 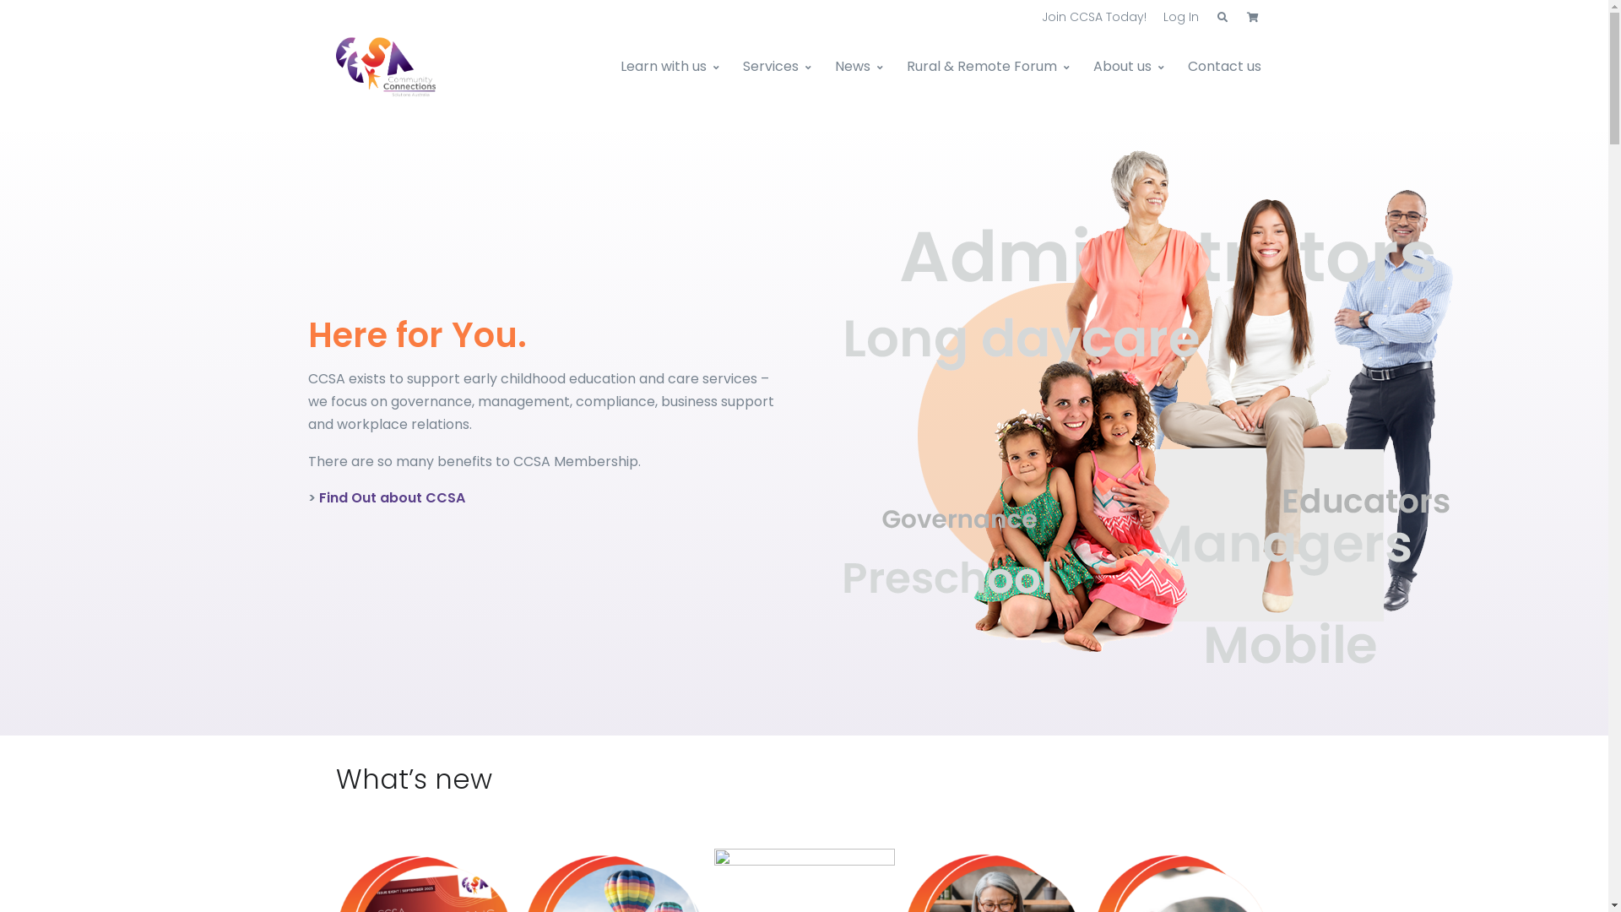 I want to click on 'Rural & Remote Forum', so click(x=988, y=65).